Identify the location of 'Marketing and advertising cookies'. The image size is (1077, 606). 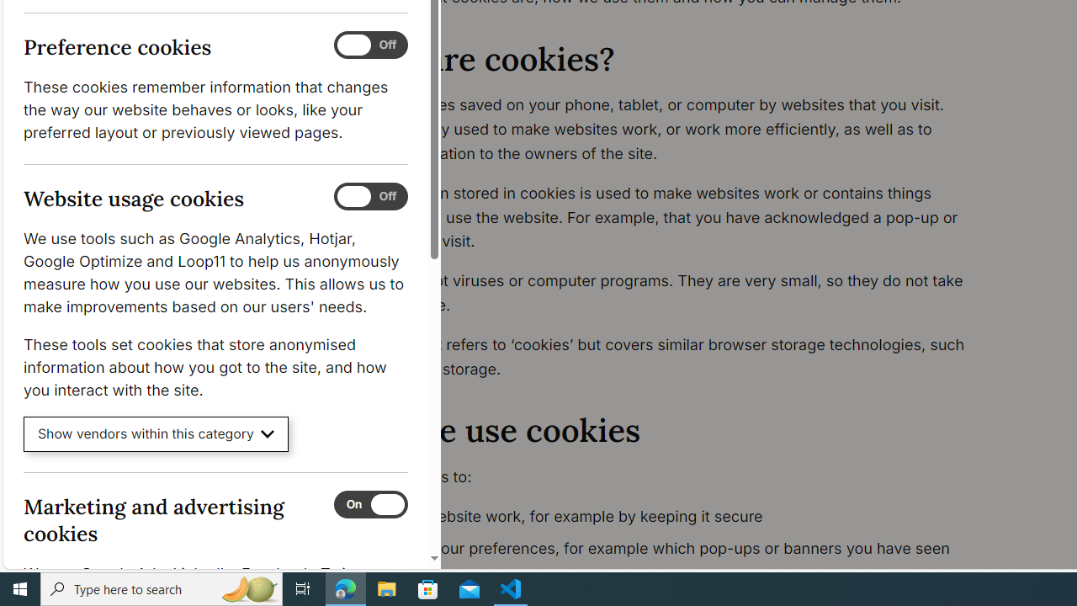
(369, 503).